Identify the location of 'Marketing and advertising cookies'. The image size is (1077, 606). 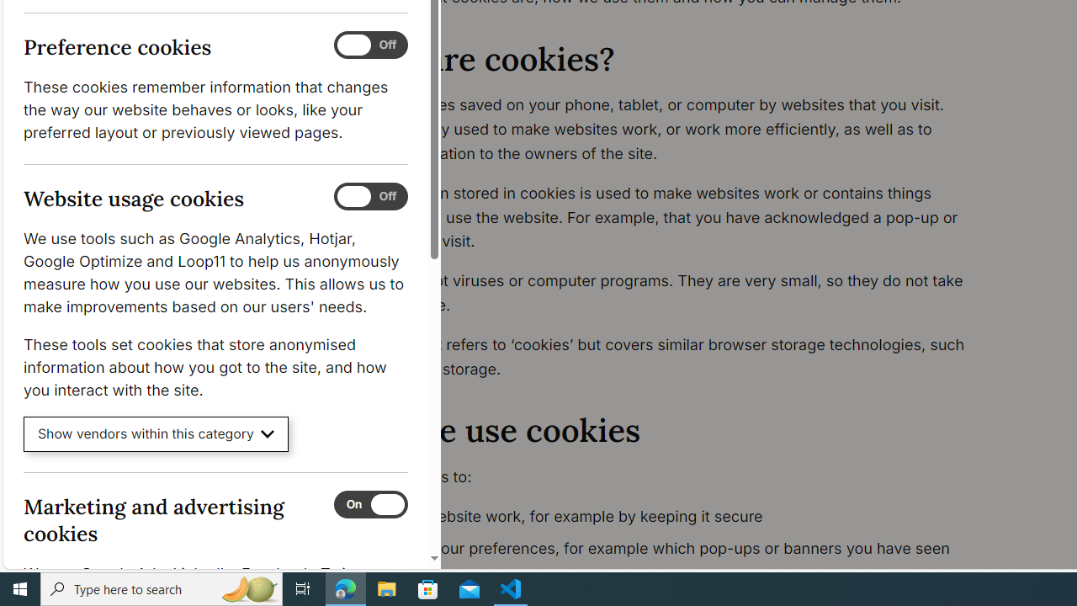
(369, 503).